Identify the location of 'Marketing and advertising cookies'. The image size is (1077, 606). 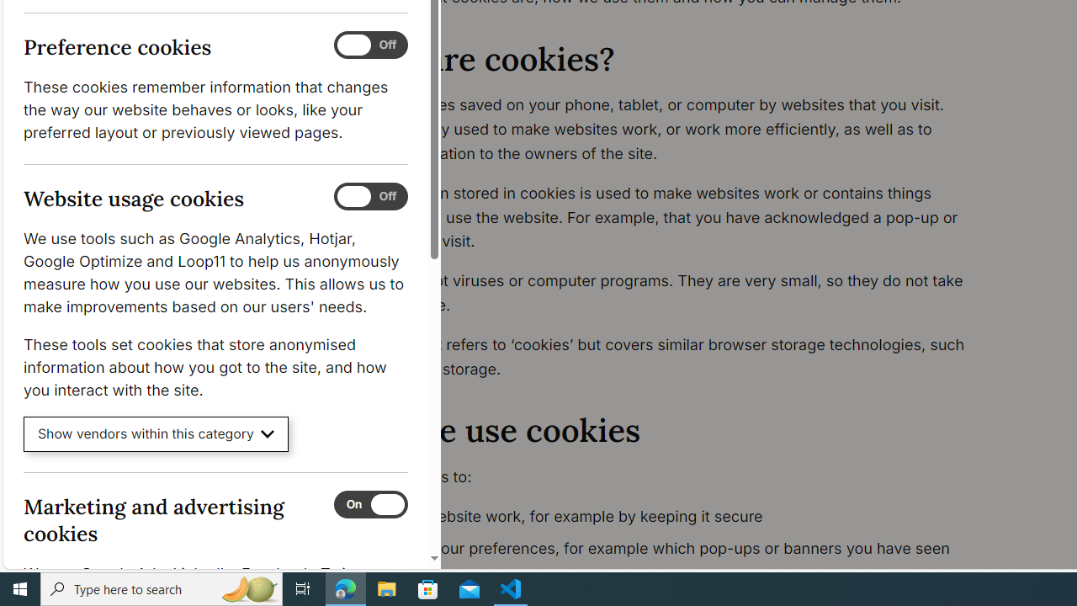
(369, 503).